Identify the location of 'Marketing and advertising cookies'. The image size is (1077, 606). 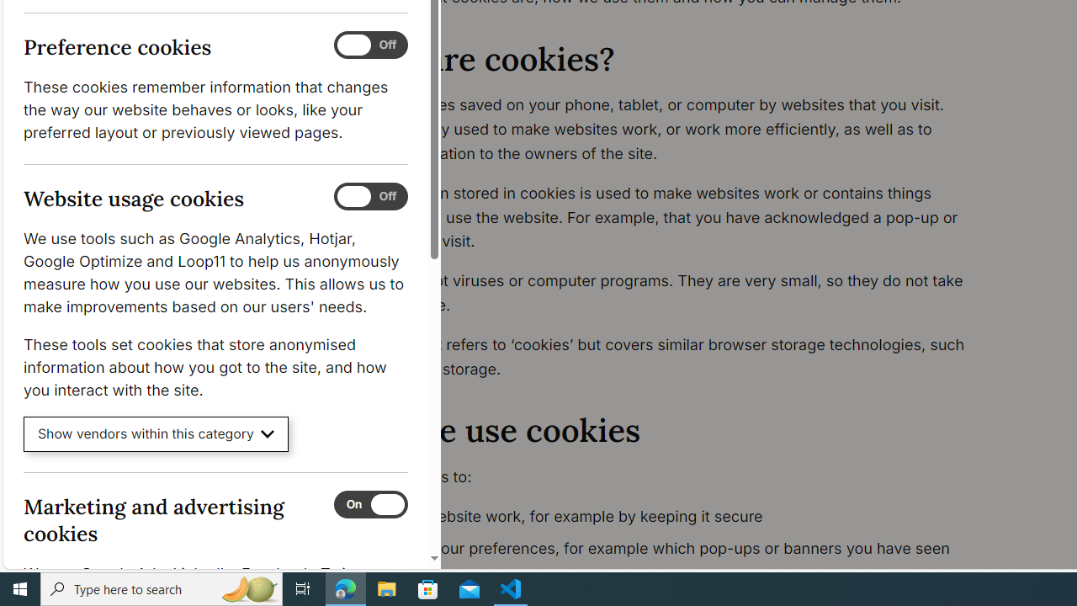
(369, 503).